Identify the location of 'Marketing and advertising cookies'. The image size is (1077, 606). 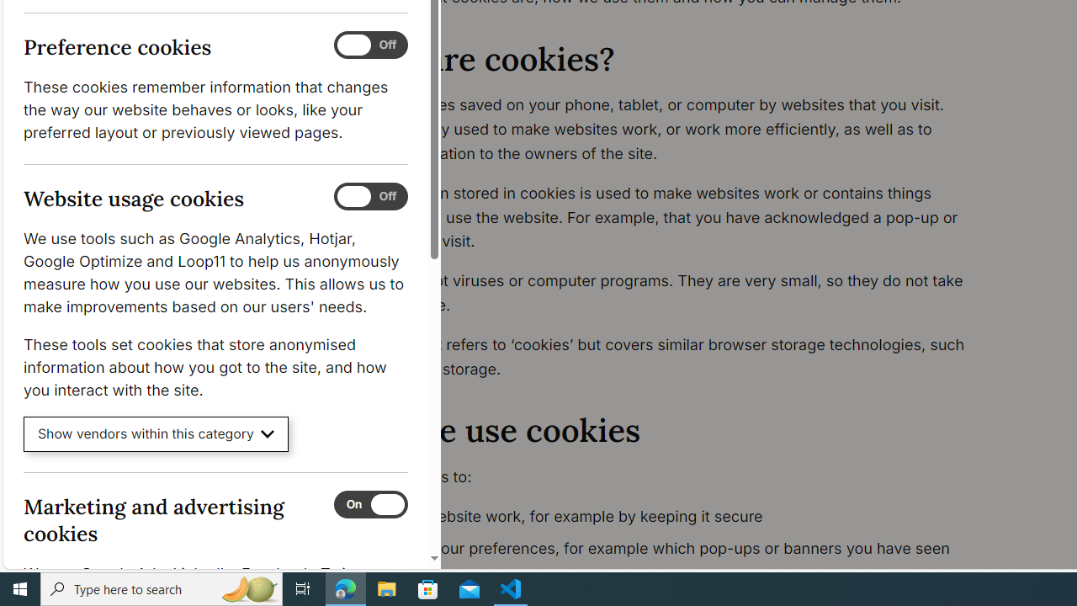
(369, 503).